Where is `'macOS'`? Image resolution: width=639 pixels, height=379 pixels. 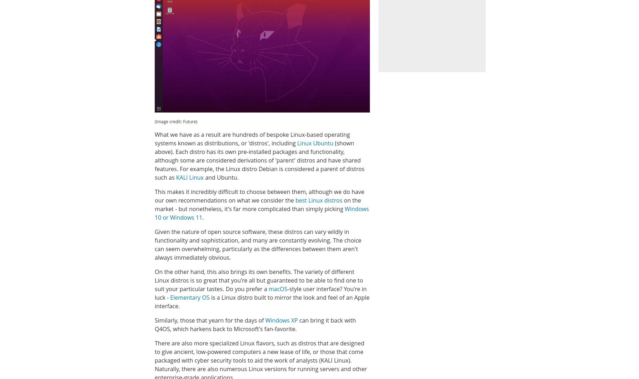 'macOS' is located at coordinates (277, 289).